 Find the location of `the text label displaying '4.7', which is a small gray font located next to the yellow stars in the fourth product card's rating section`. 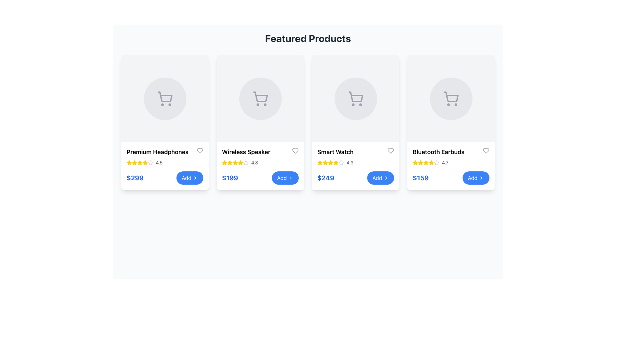

the text label displaying '4.7', which is a small gray font located next to the yellow stars in the fourth product card's rating section is located at coordinates (445, 162).